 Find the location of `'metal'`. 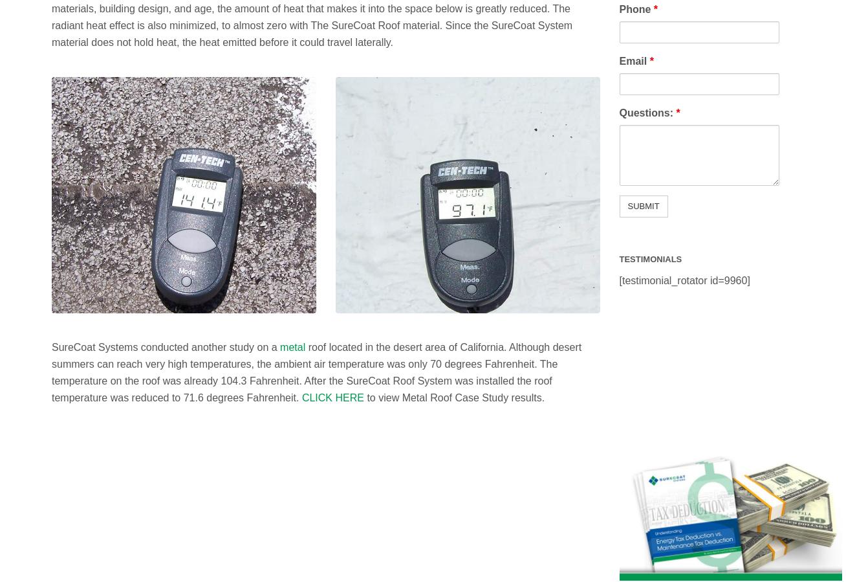

'metal' is located at coordinates (292, 346).